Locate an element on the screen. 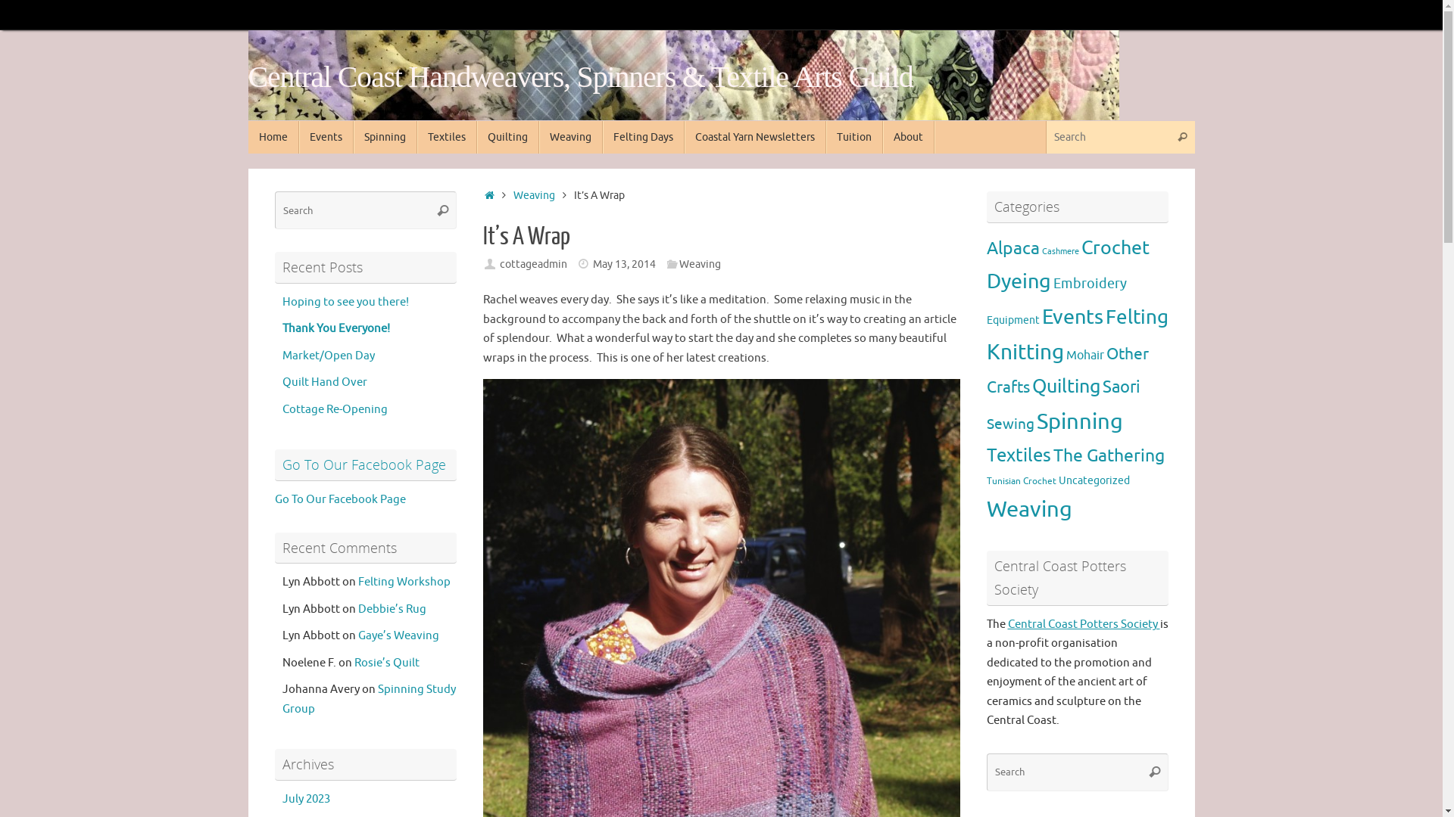 The width and height of the screenshot is (1454, 817). 'Crochet' is located at coordinates (1115, 247).